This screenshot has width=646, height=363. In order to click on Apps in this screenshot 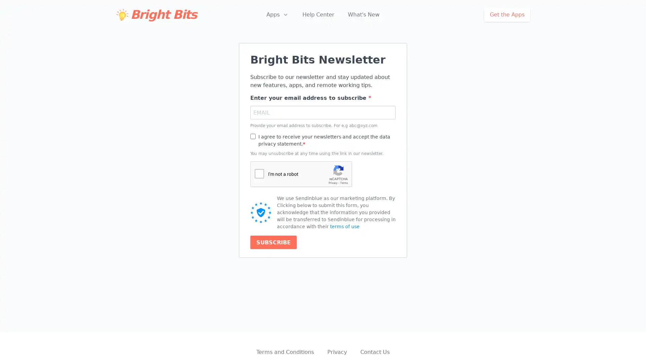, I will do `click(278, 14)`.